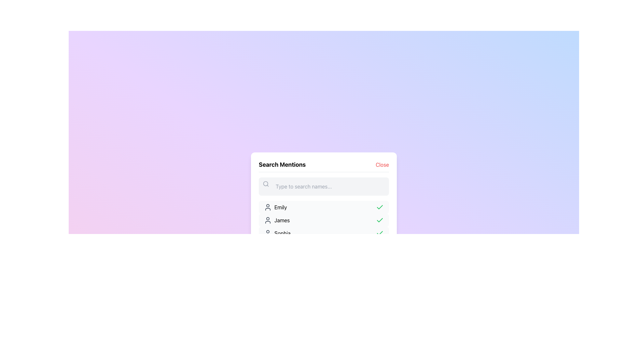 The height and width of the screenshot is (351, 625). I want to click on the text label displaying the name 'James', so click(282, 220).